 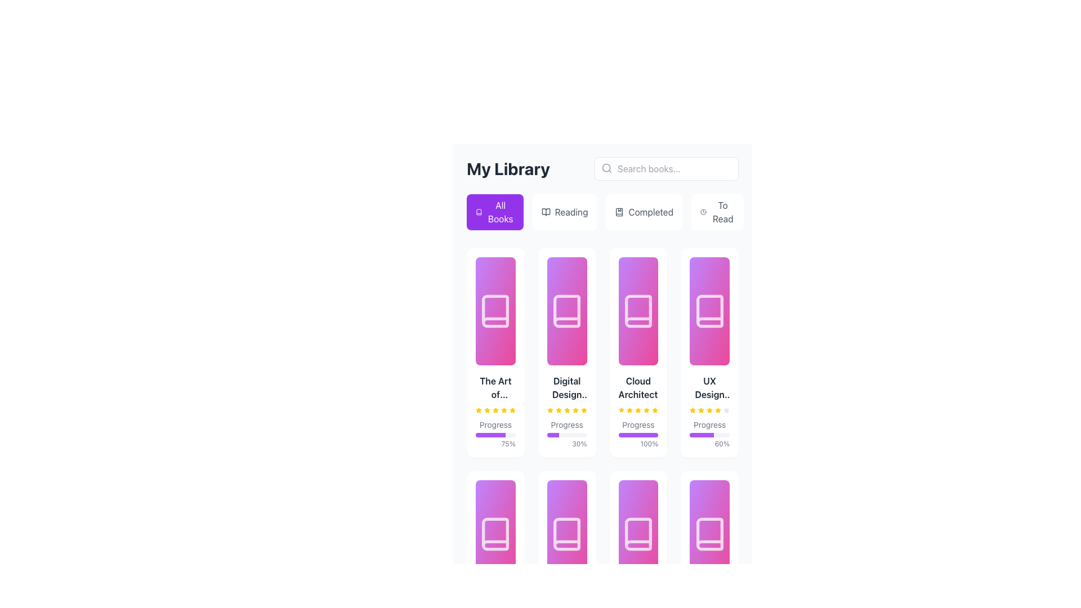 What do you see at coordinates (559, 410) in the screenshot?
I see `the second star icon in the rating display for the book 'Digital Design', which represents the second rating level in a five-star system` at bounding box center [559, 410].